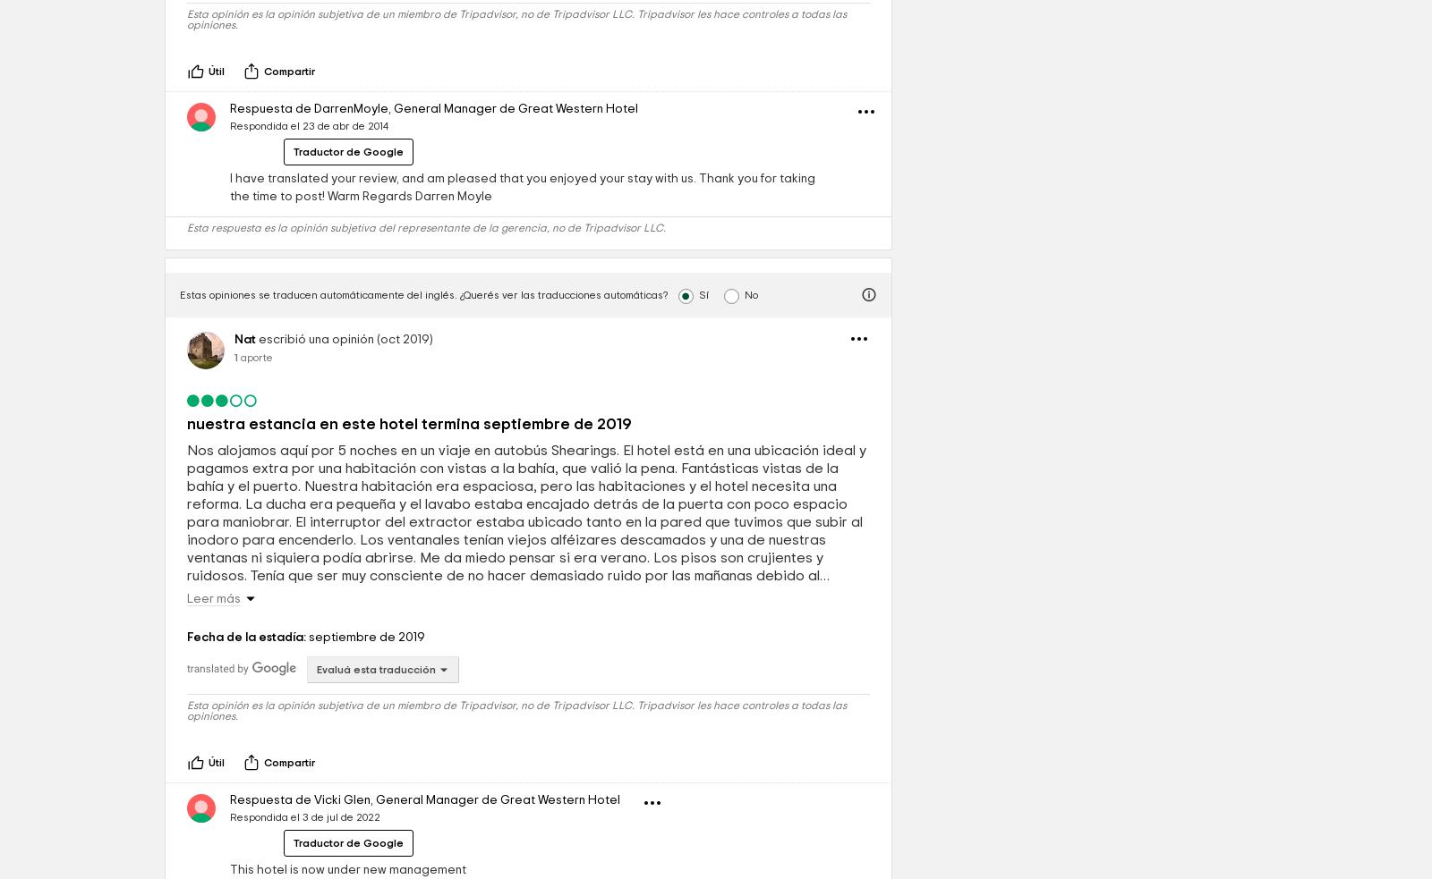  I want to click on 'Great Western Hotel', so click(577, 232).